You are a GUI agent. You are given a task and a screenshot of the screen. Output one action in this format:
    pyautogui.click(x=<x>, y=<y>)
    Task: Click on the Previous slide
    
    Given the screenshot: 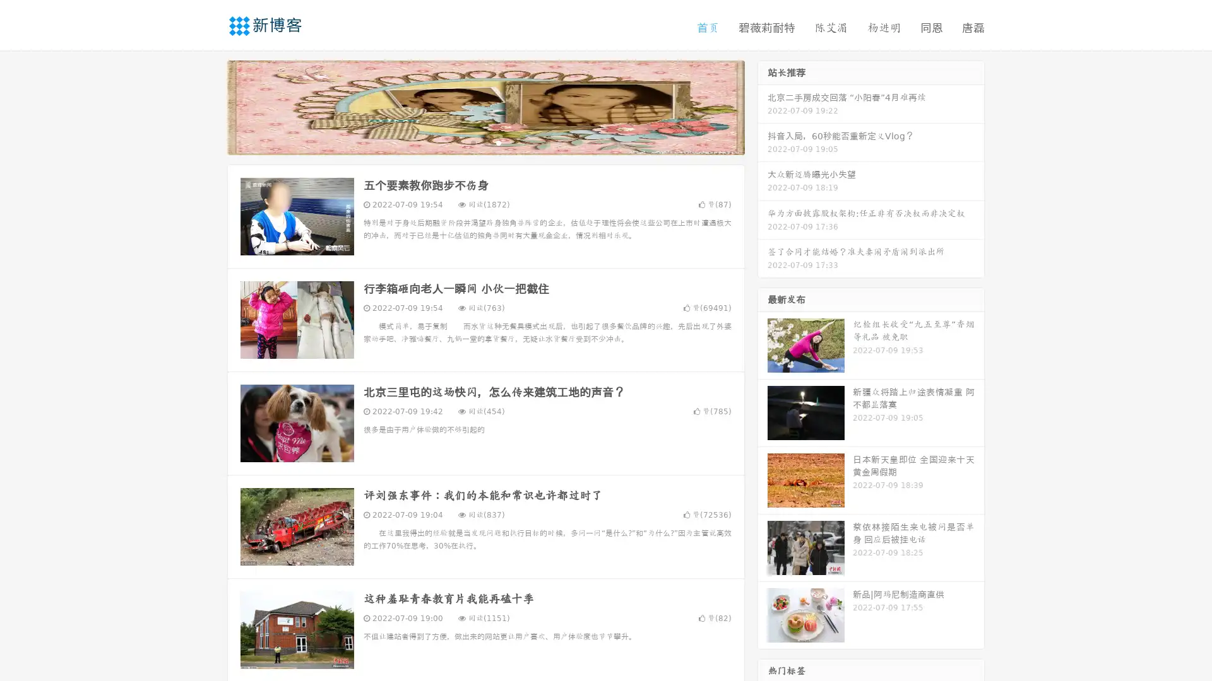 What is the action you would take?
    pyautogui.click(x=208, y=106)
    